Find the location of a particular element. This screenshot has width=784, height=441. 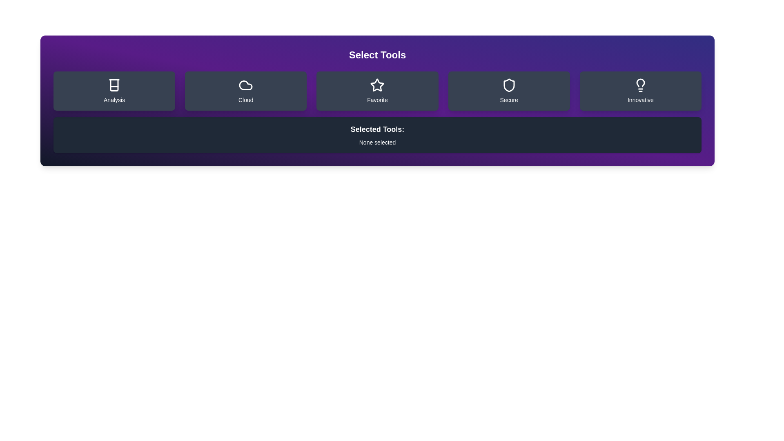

the cloud-shaped icon that serves as the primary visual component of the 'Cloud' button, located second from the left in the top row of buttons is located at coordinates (245, 85).